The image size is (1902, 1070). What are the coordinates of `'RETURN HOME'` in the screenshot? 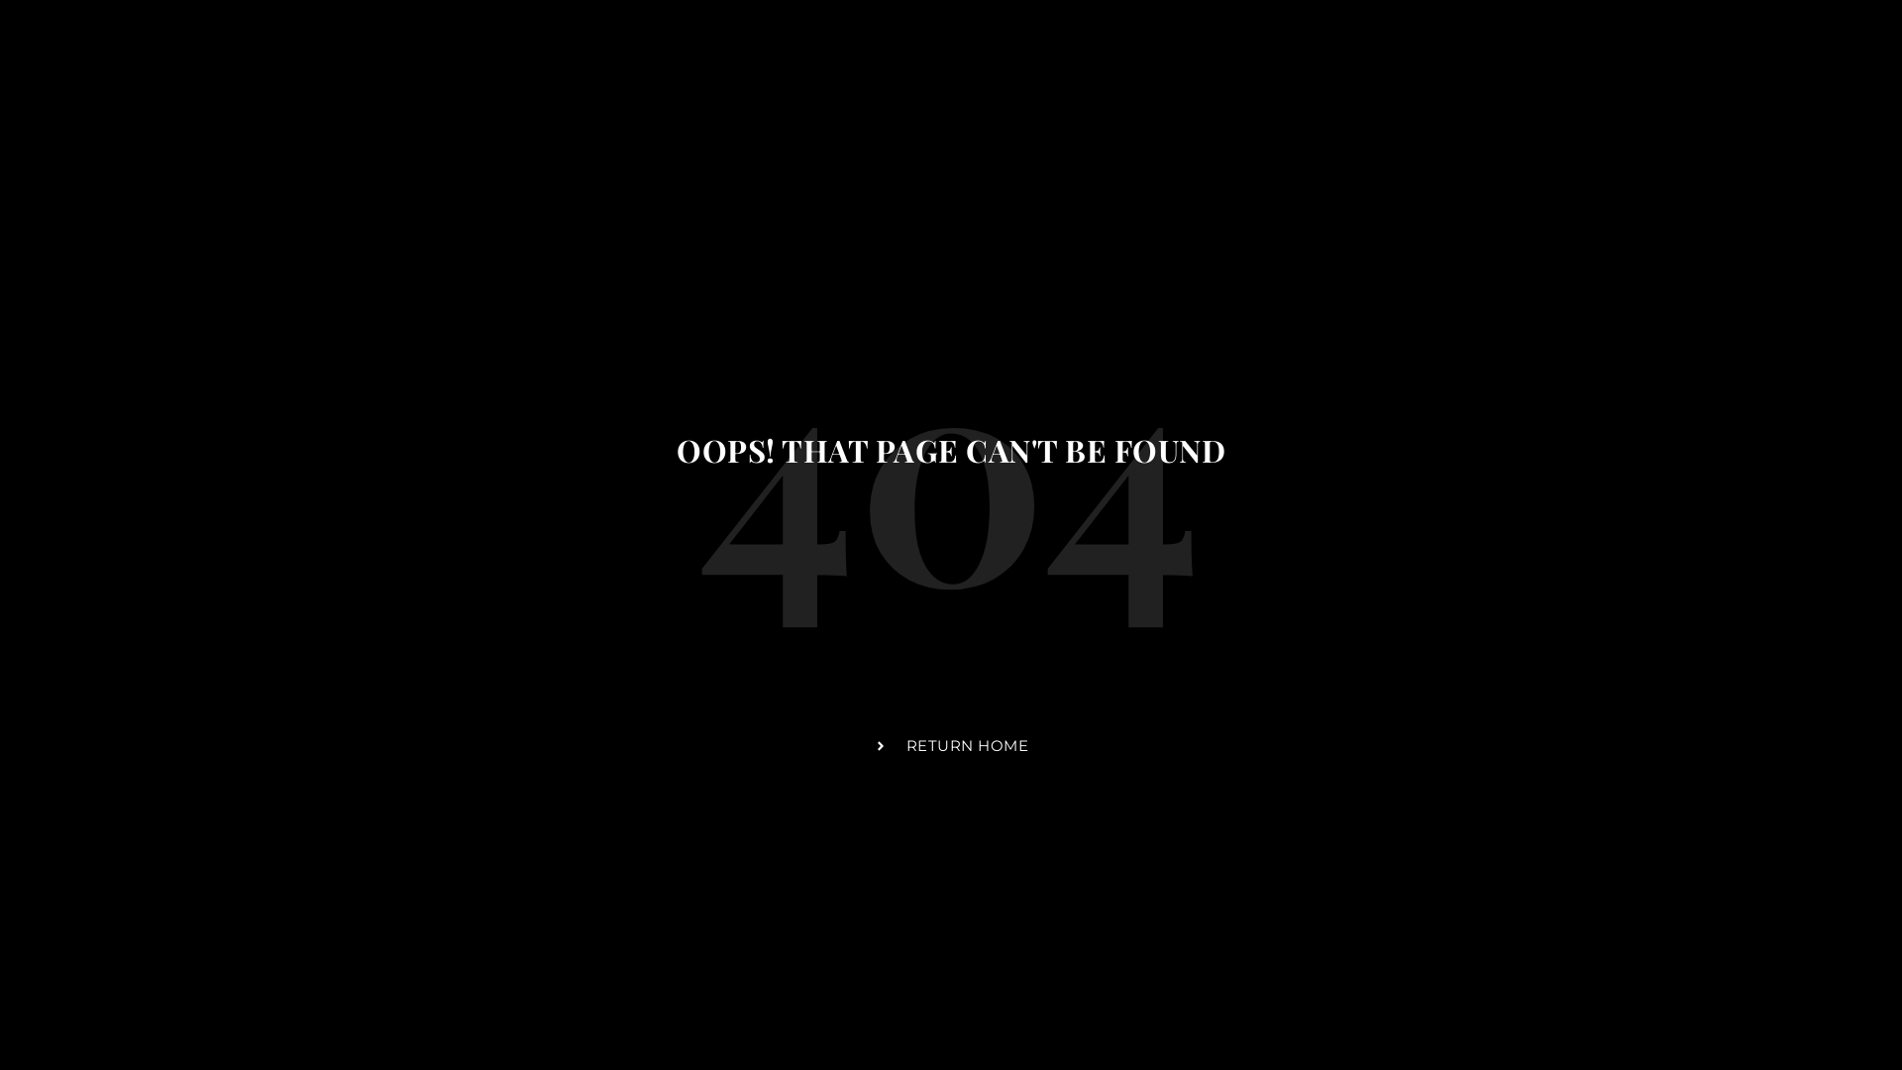 It's located at (873, 745).